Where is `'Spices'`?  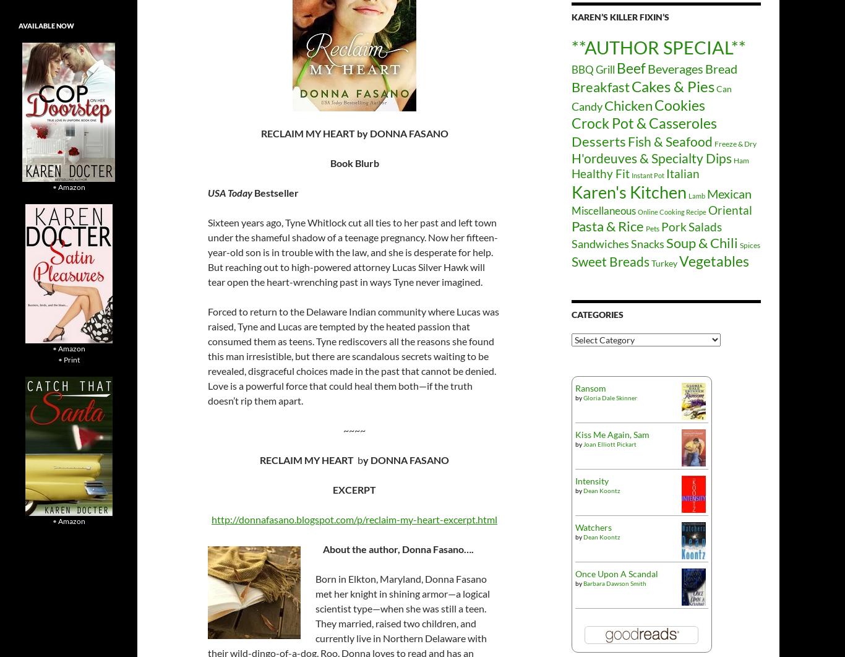 'Spices' is located at coordinates (739, 244).